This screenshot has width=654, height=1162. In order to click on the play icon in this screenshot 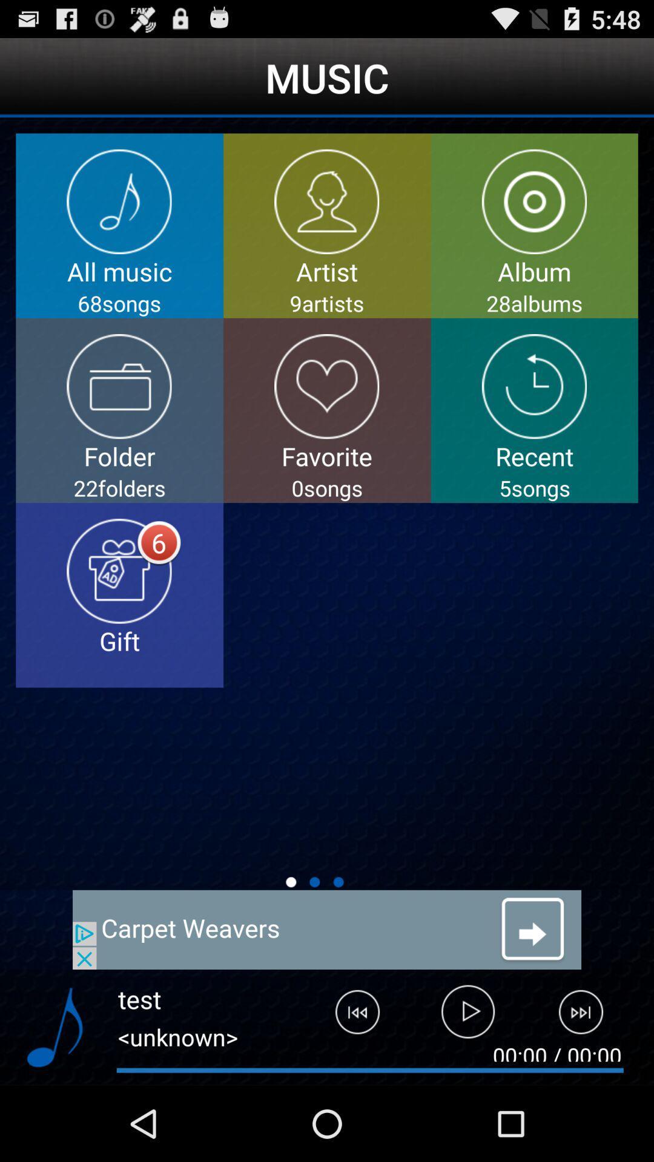, I will do `click(467, 1089)`.